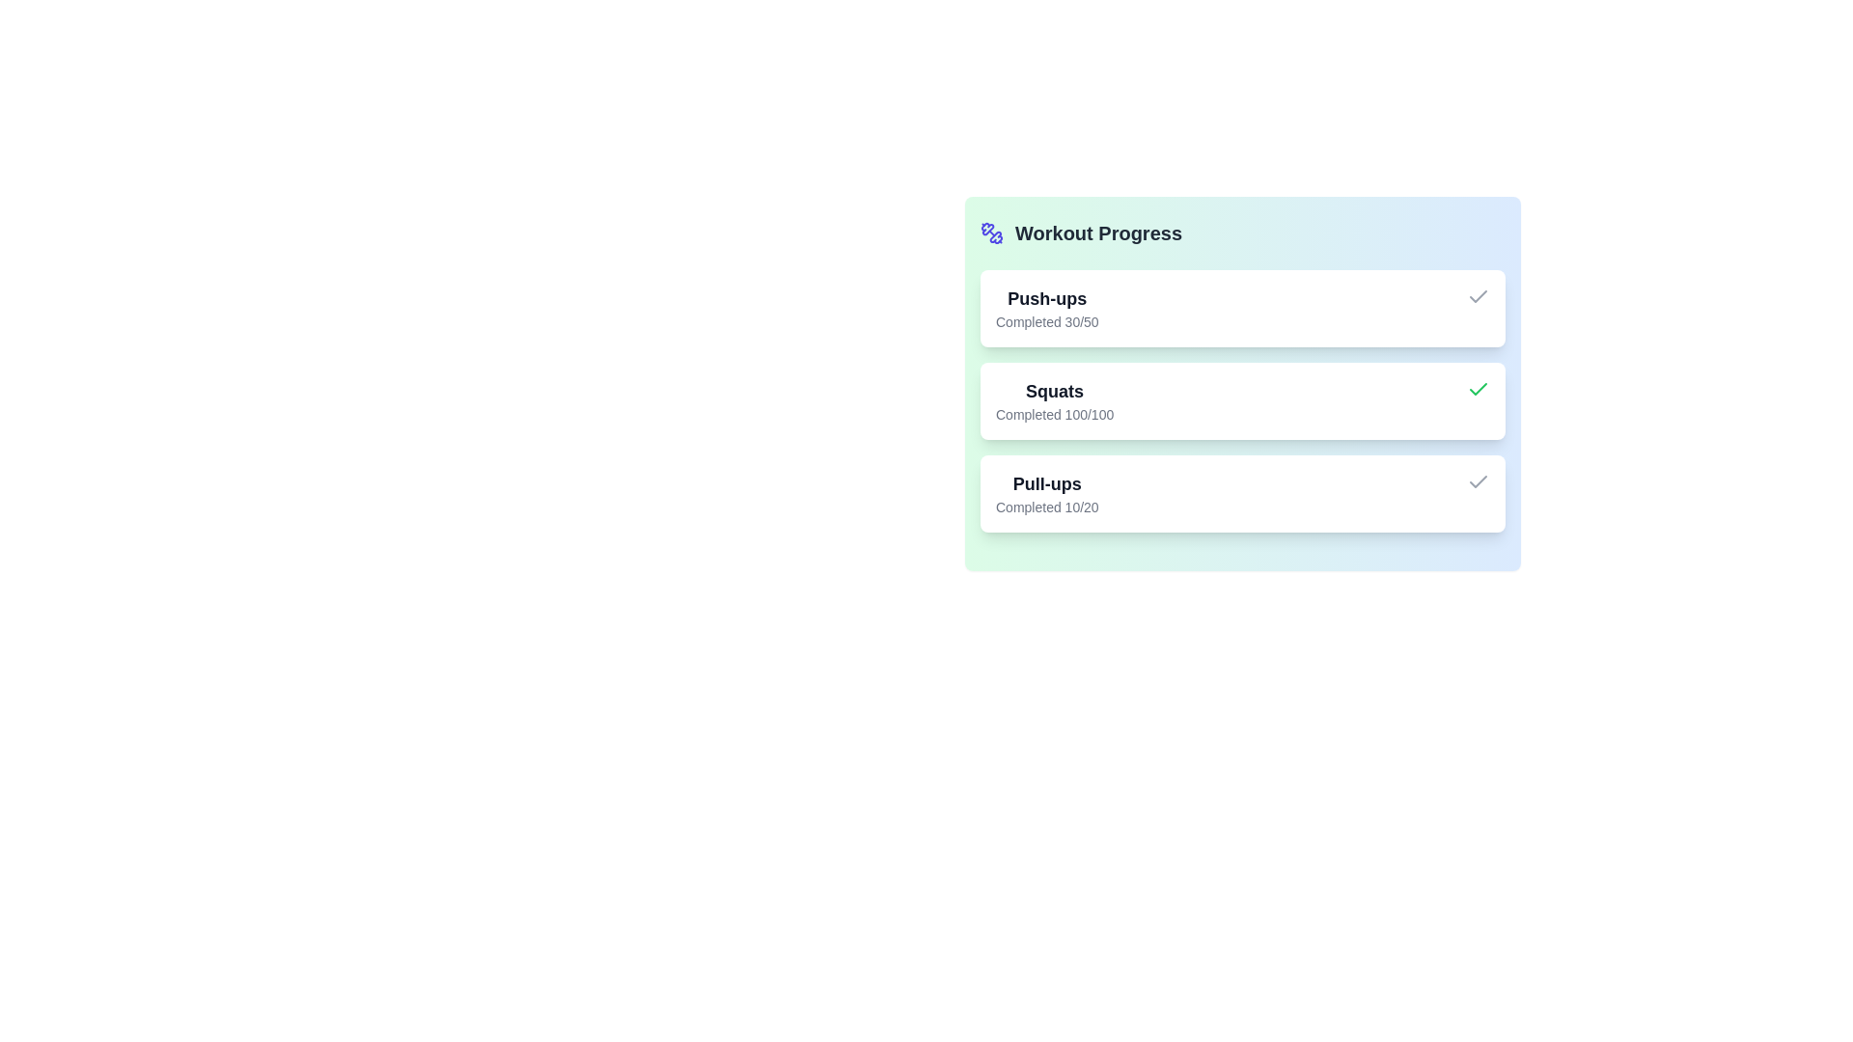 This screenshot has width=1853, height=1042. What do you see at coordinates (1046, 506) in the screenshot?
I see `the text label displaying 'Completed 10/20' located below the 'Pull-ups' title in the workout progress section` at bounding box center [1046, 506].